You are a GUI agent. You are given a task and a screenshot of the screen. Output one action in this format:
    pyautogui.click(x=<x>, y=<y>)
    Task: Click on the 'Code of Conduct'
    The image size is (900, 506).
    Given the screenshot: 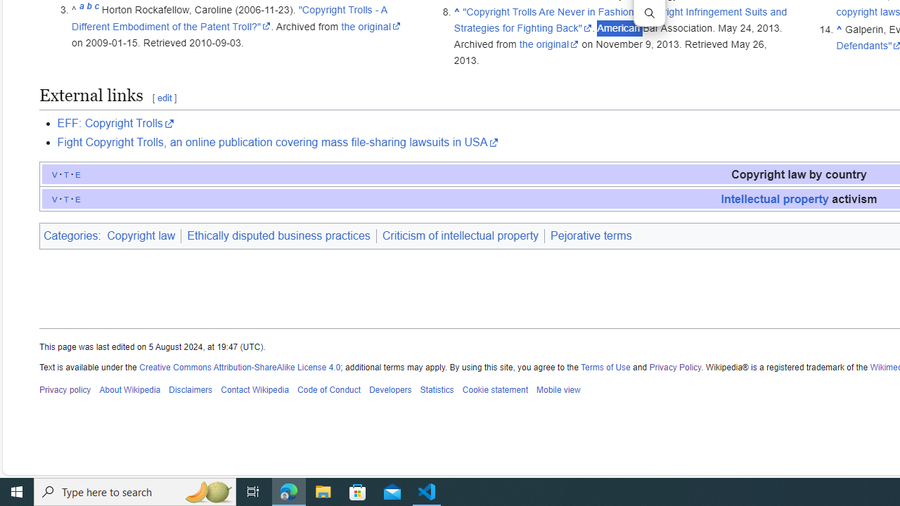 What is the action you would take?
    pyautogui.click(x=328, y=390)
    